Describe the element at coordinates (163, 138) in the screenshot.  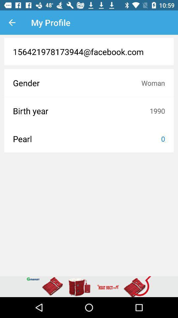
I see `the 0` at that location.